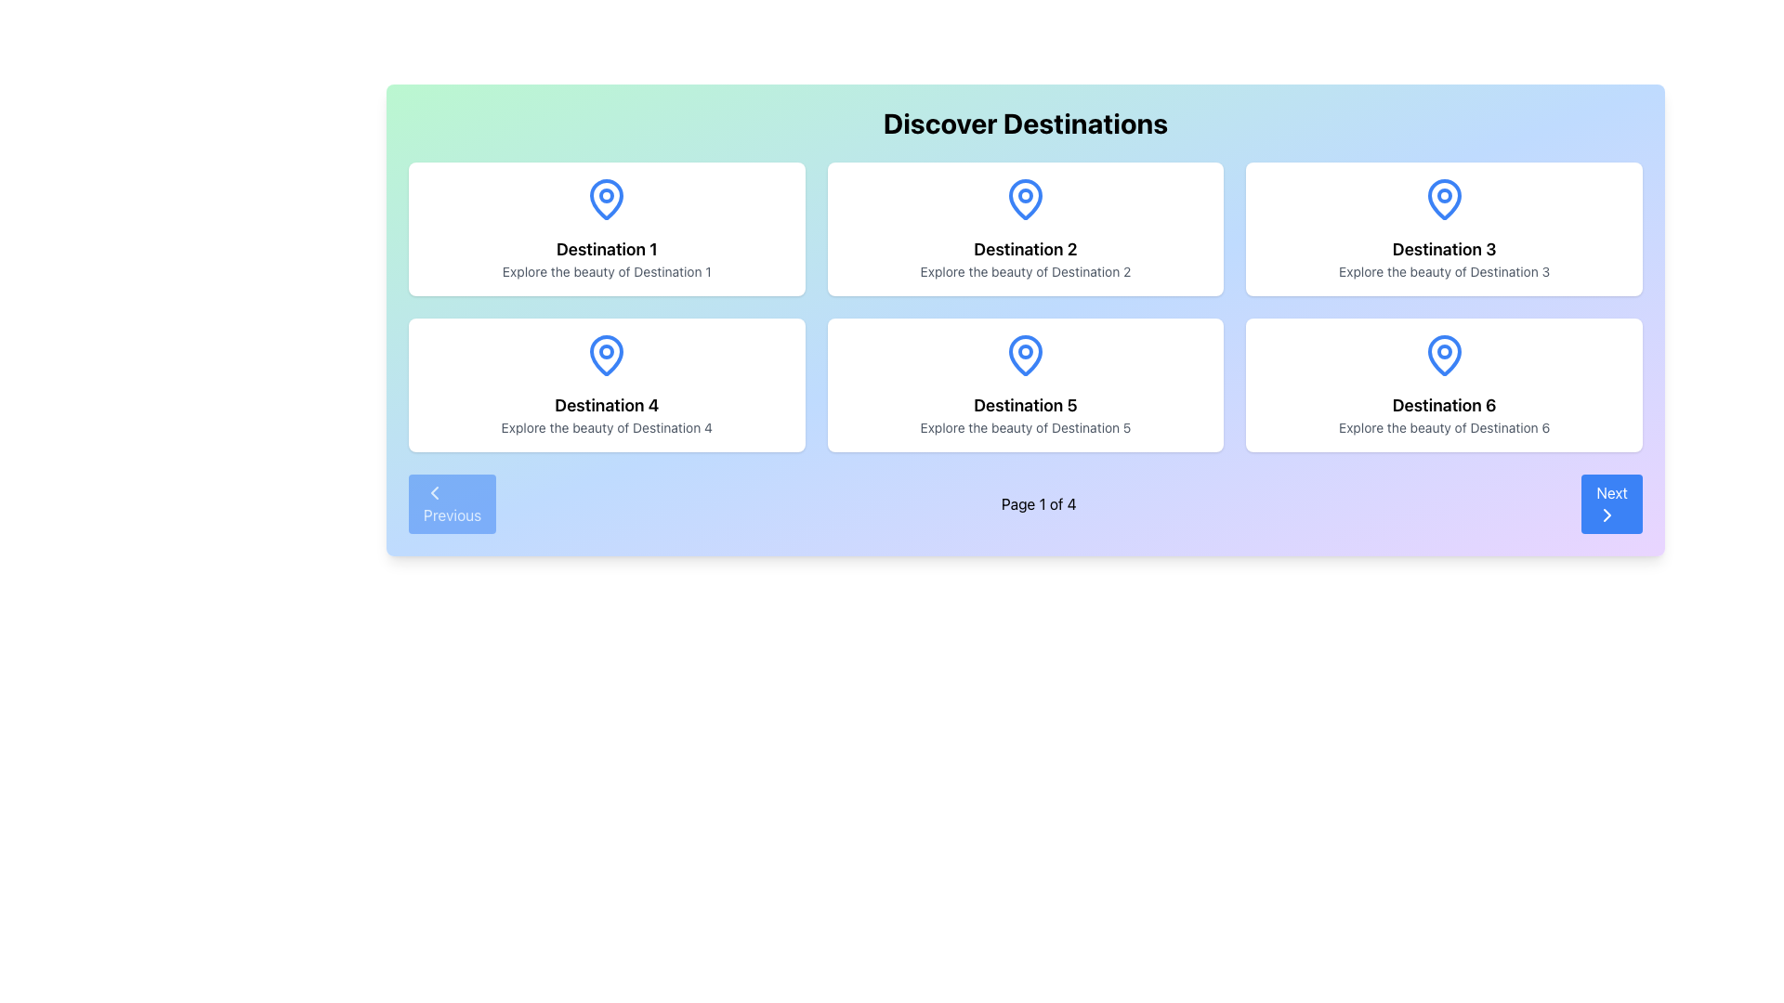  What do you see at coordinates (1025, 351) in the screenshot?
I see `the circular decorative element of the map pin icon located in the fifth card of the 2x3 grid layout under the 'Discover Destinations' heading` at bounding box center [1025, 351].